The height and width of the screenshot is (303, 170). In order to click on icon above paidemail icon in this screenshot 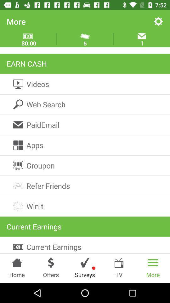, I will do `click(85, 104)`.